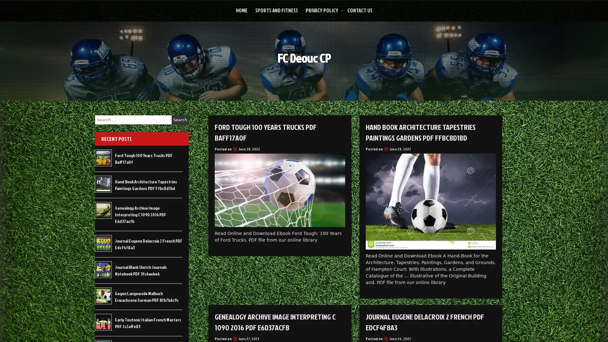  I want to click on Search, so click(180, 120).